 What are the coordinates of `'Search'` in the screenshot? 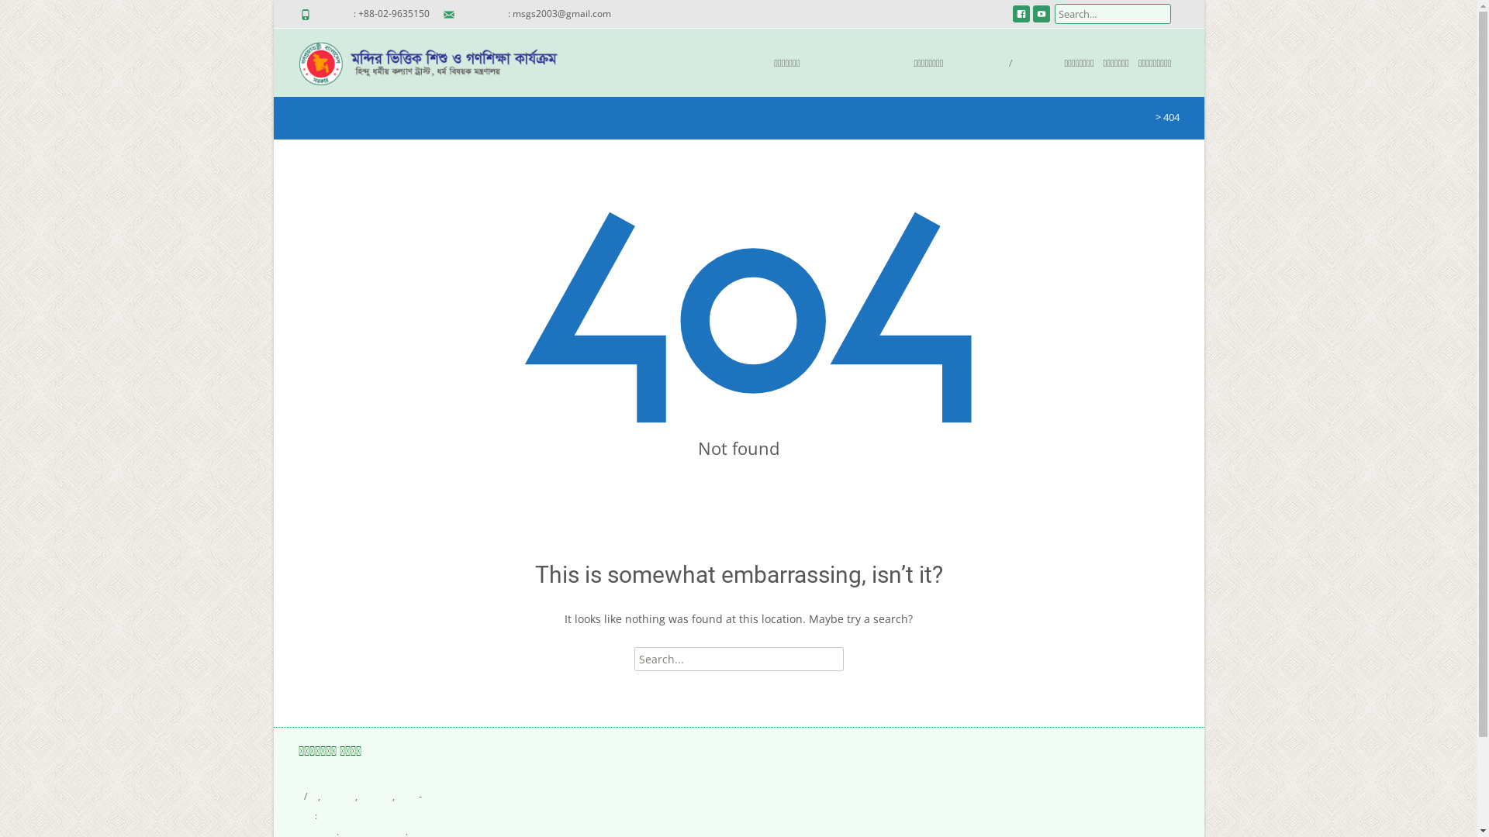 It's located at (36, 15).